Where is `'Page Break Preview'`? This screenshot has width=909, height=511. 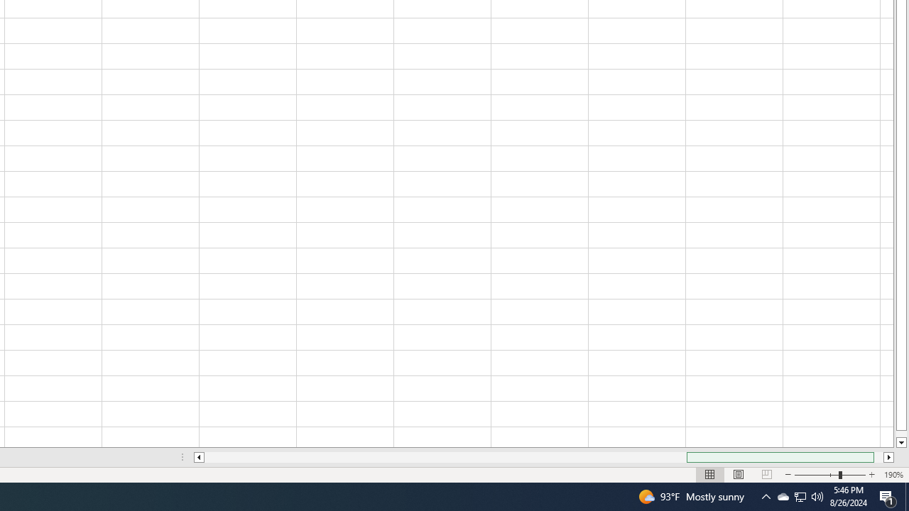
'Page Break Preview' is located at coordinates (766, 475).